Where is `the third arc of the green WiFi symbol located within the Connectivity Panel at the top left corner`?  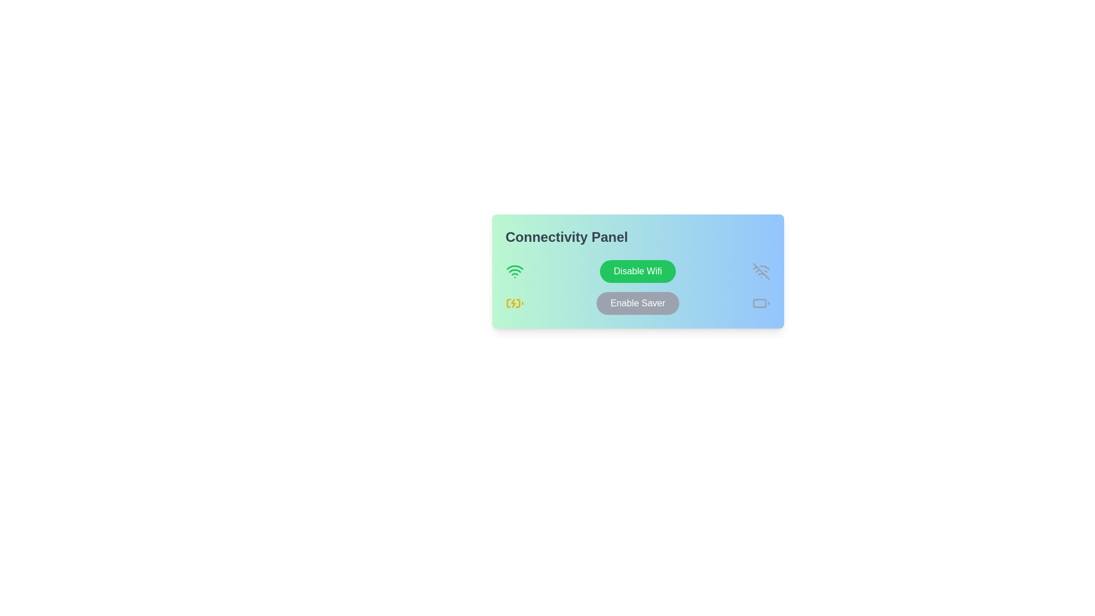
the third arc of the green WiFi symbol located within the Connectivity Panel at the top left corner is located at coordinates (514, 271).